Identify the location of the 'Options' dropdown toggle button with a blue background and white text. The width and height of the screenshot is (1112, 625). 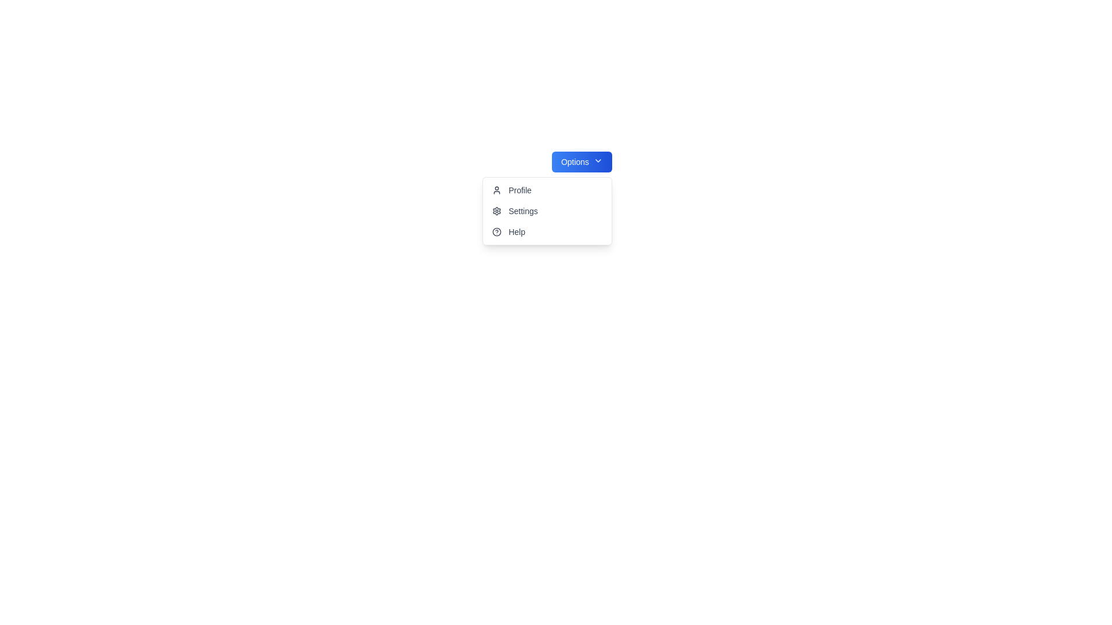
(581, 162).